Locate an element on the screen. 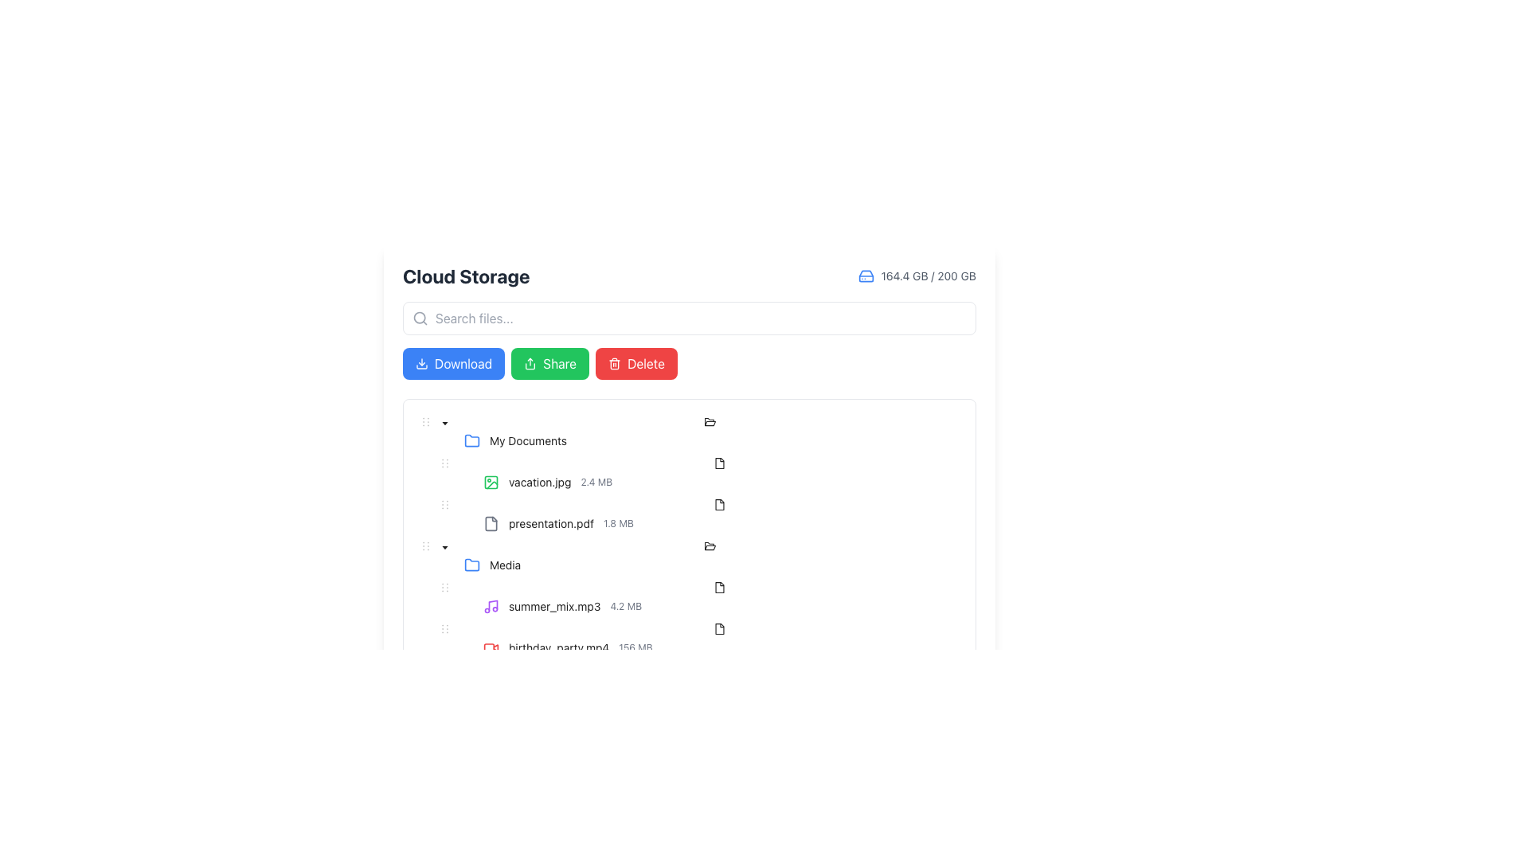 This screenshot has height=860, width=1529. the file icon styled as a document next to the entry 'summer_mix.mp3 4.2 MB' is located at coordinates (718, 587).